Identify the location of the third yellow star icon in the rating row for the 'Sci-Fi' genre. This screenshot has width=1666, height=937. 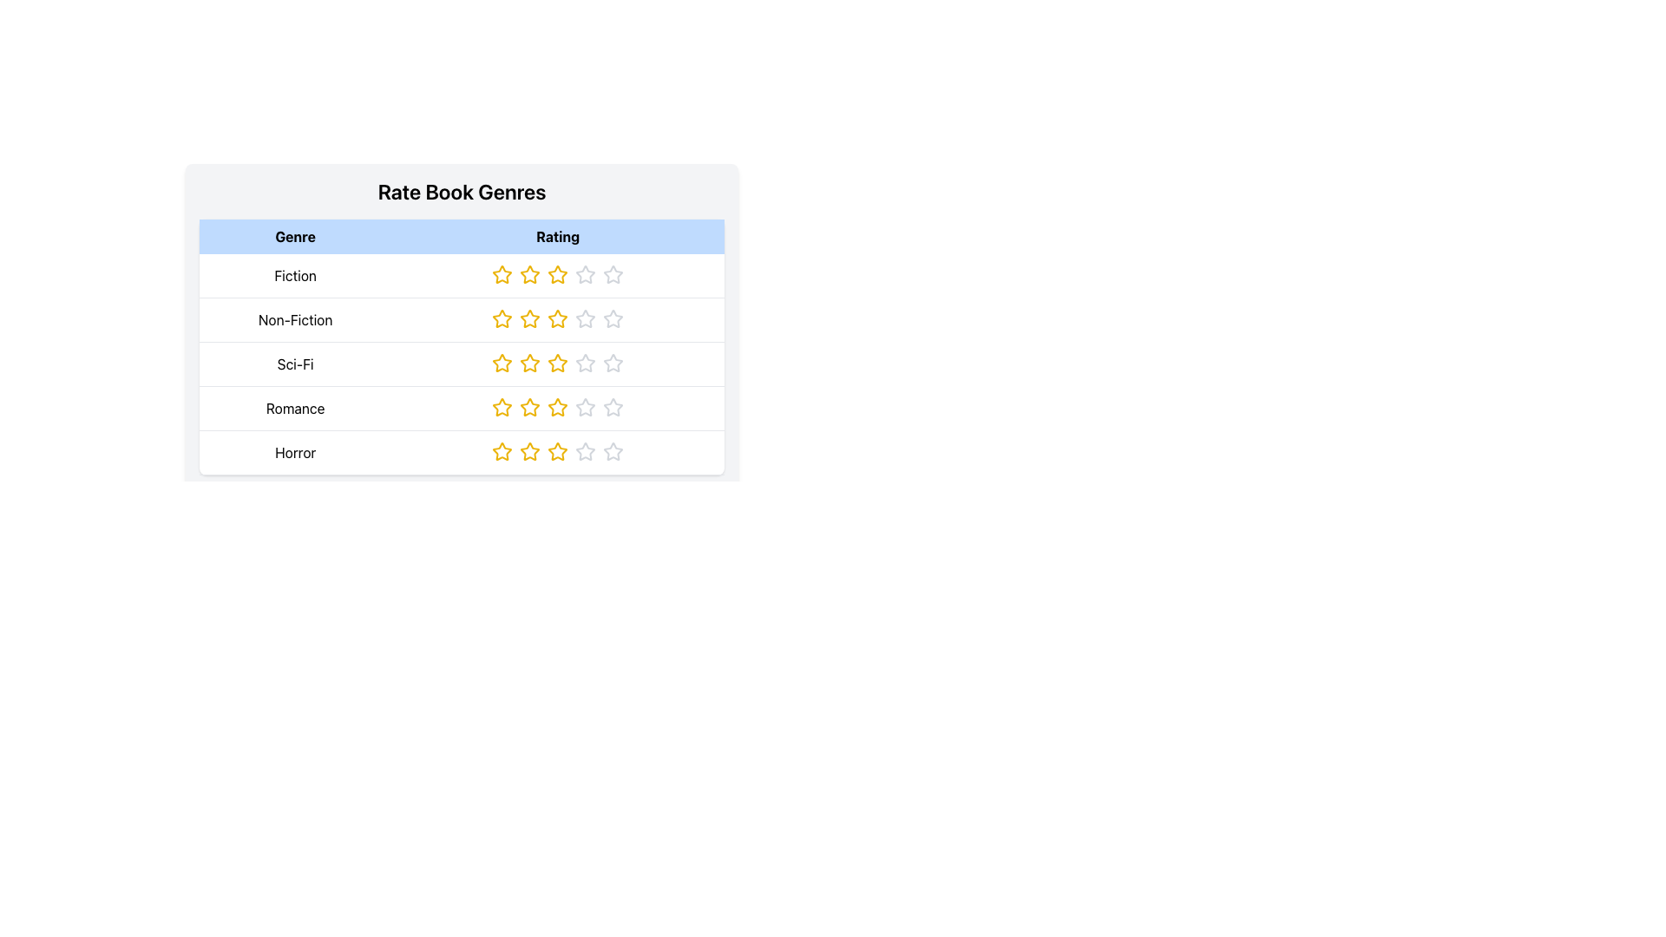
(529, 363).